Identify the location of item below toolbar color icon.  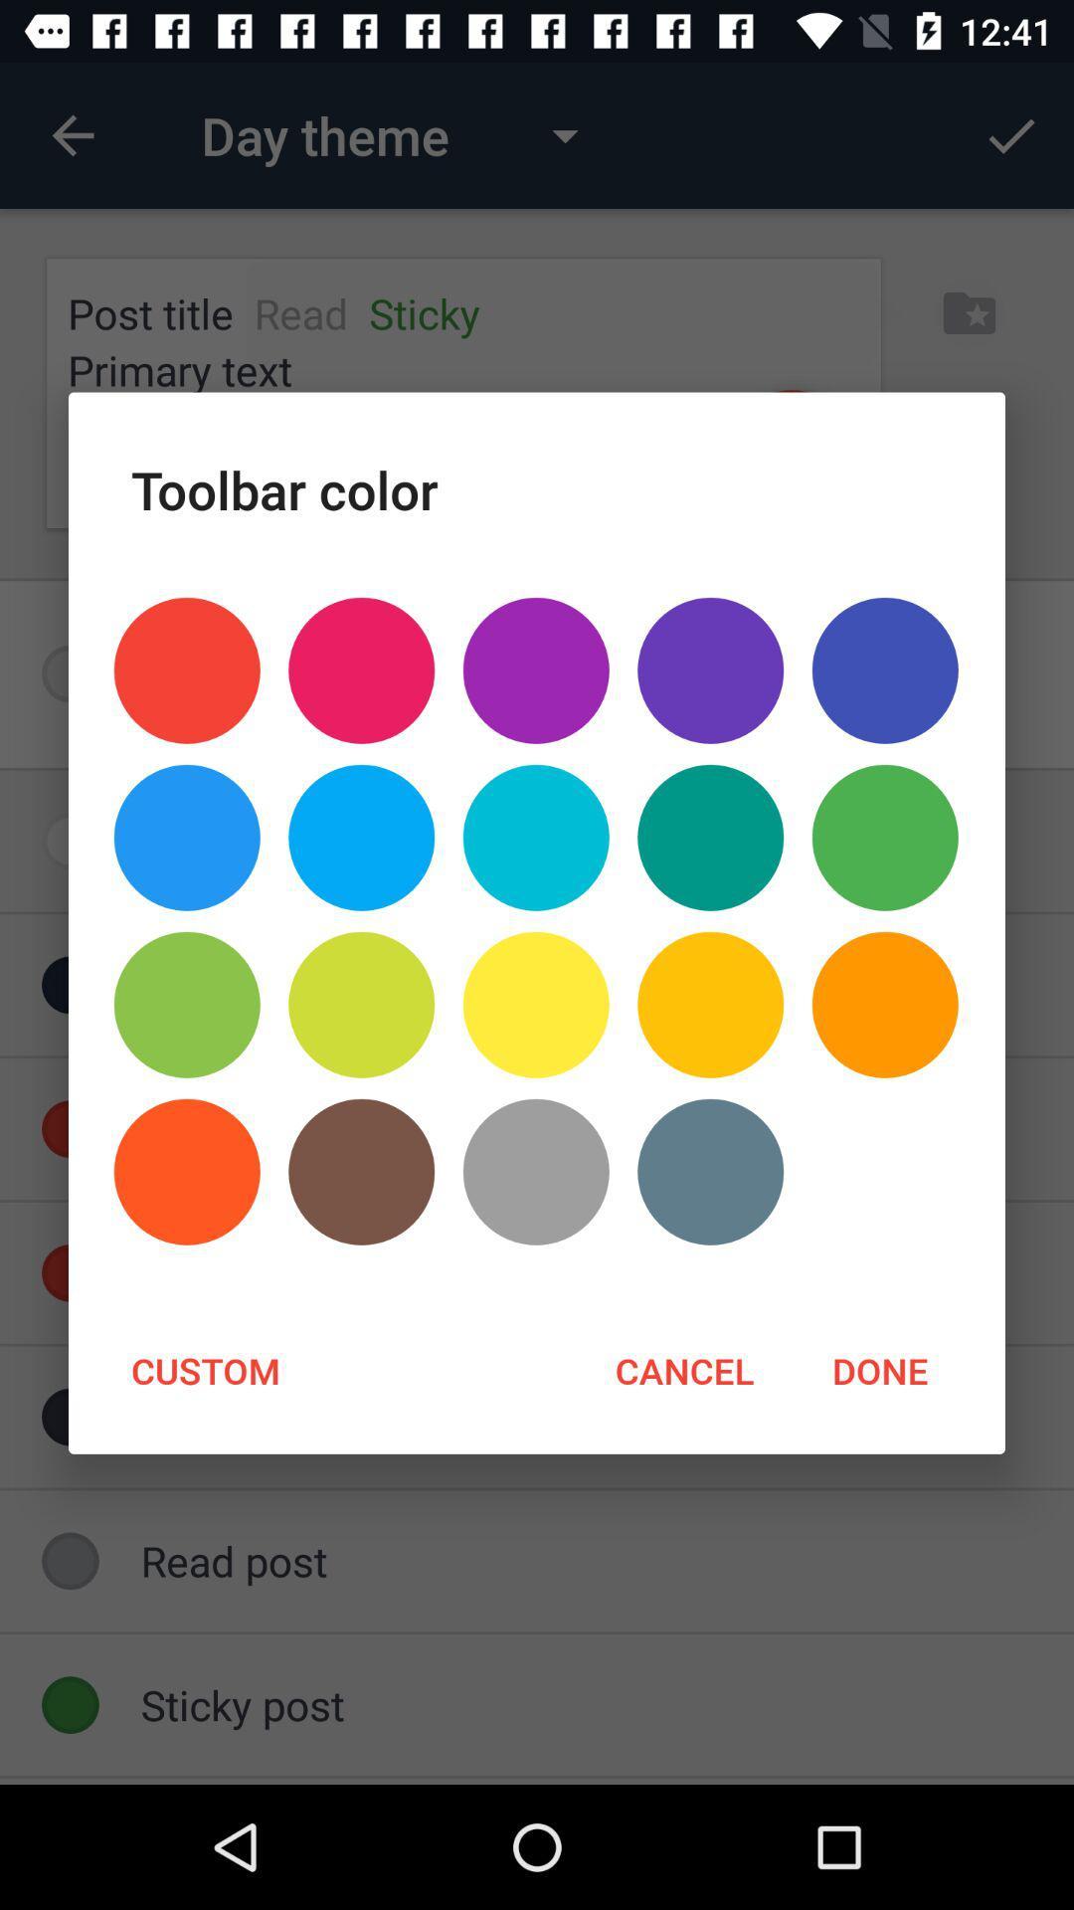
(361, 670).